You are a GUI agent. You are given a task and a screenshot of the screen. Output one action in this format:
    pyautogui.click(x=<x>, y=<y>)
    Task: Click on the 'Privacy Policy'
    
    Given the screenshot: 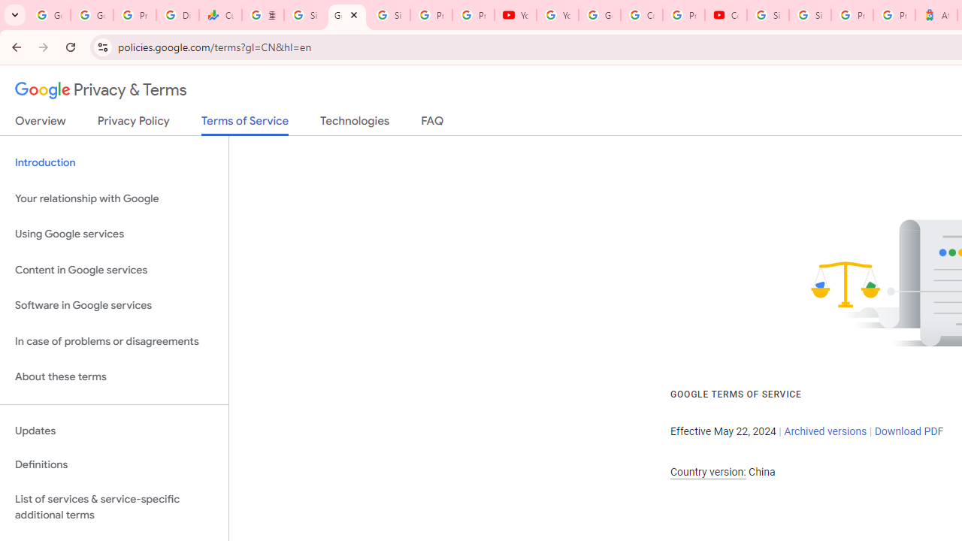 What is the action you would take?
    pyautogui.click(x=133, y=123)
    